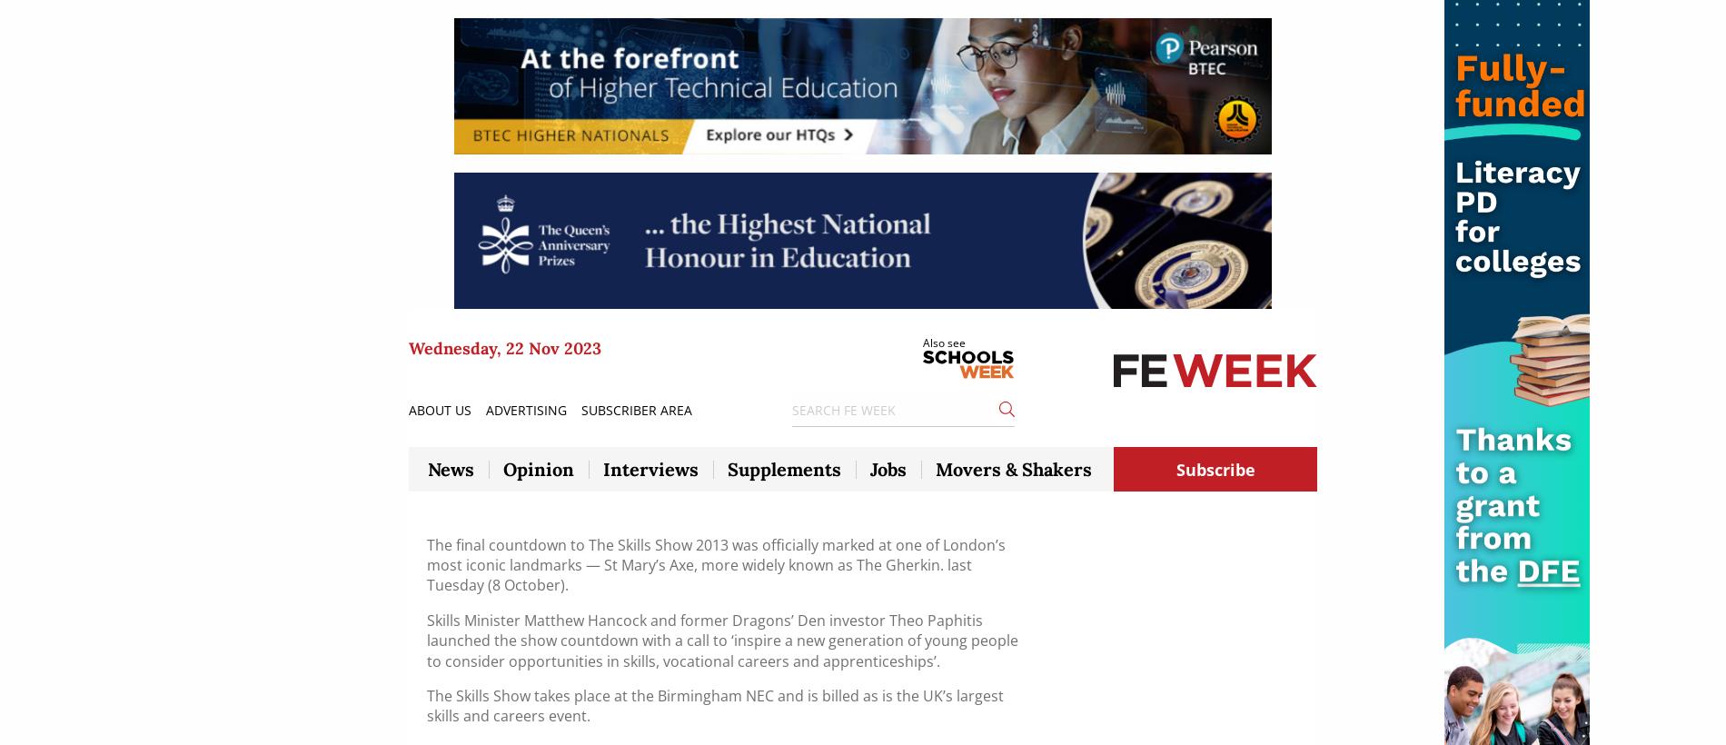  I want to click on 'Skills Minister Matthew Hancock and former Dragons’ Den investor Theo Paphitis launched the show countdown with a call to ‘inspire a new generation of young people to consider opportunities in skills, vocational careers and apprenticeships’.', so click(721, 640).